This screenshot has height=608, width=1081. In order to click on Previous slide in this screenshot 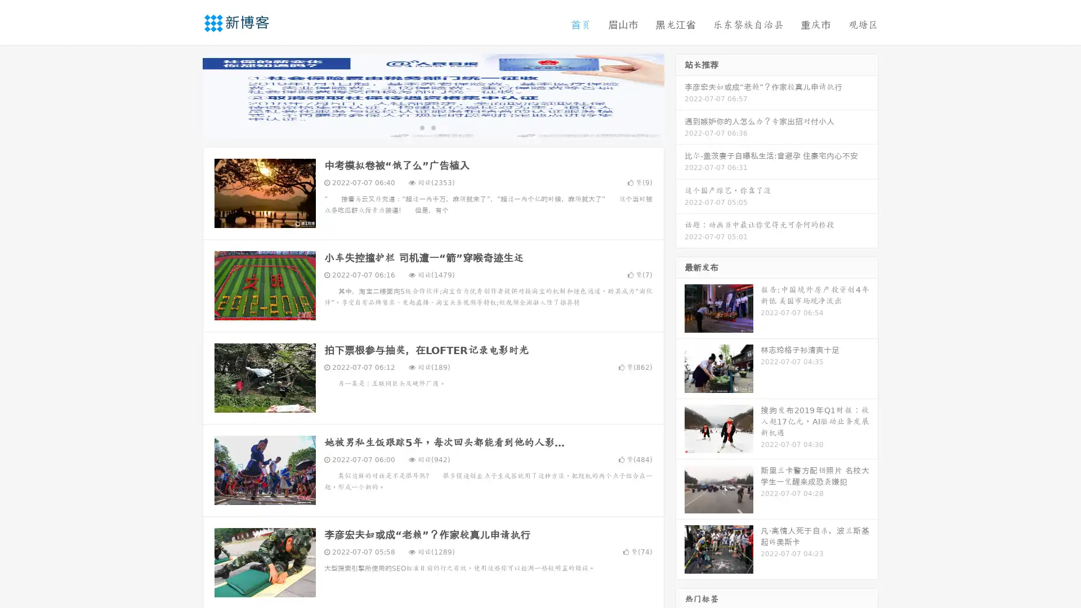, I will do `click(186, 95)`.